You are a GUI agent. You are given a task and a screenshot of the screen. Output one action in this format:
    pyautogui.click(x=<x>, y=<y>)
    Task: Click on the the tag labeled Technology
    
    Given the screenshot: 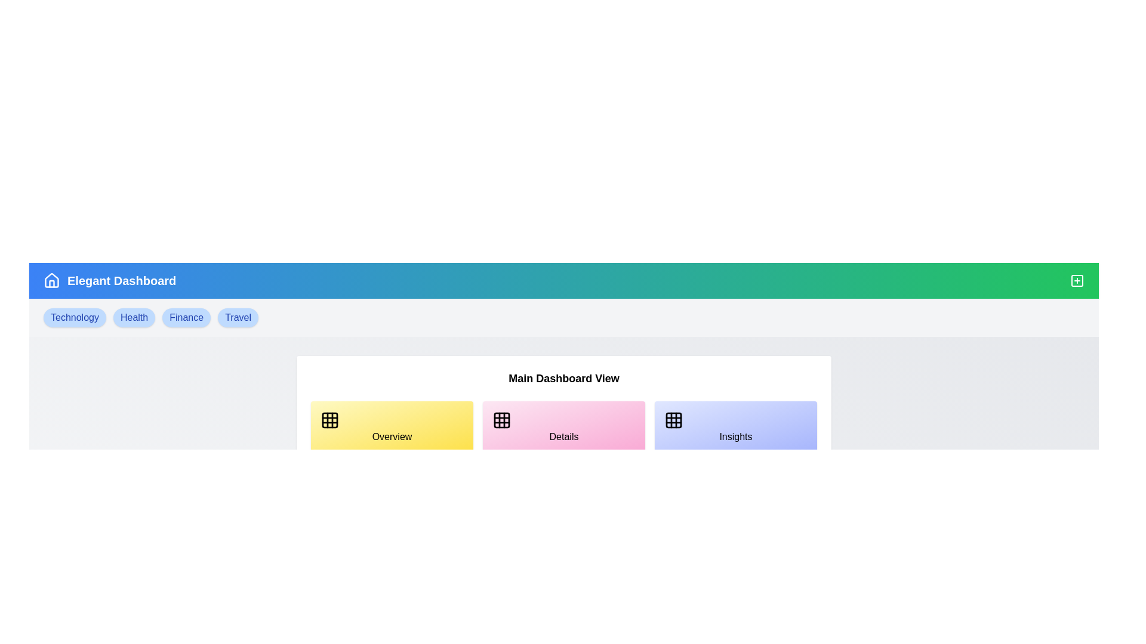 What is the action you would take?
    pyautogui.click(x=73, y=317)
    